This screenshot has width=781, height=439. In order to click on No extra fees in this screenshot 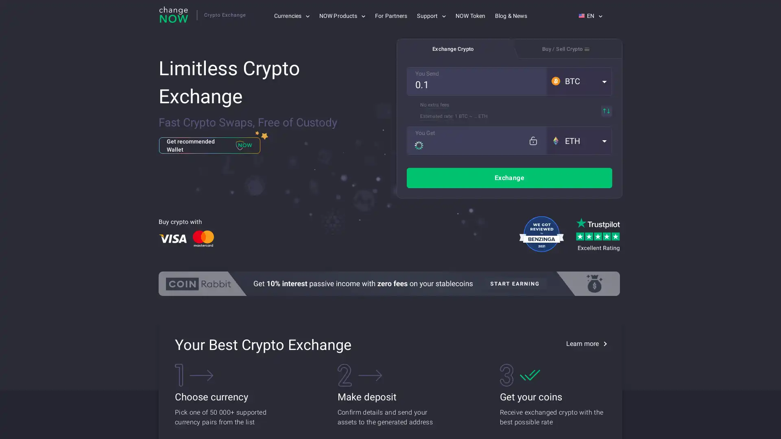, I will do `click(434, 104)`.